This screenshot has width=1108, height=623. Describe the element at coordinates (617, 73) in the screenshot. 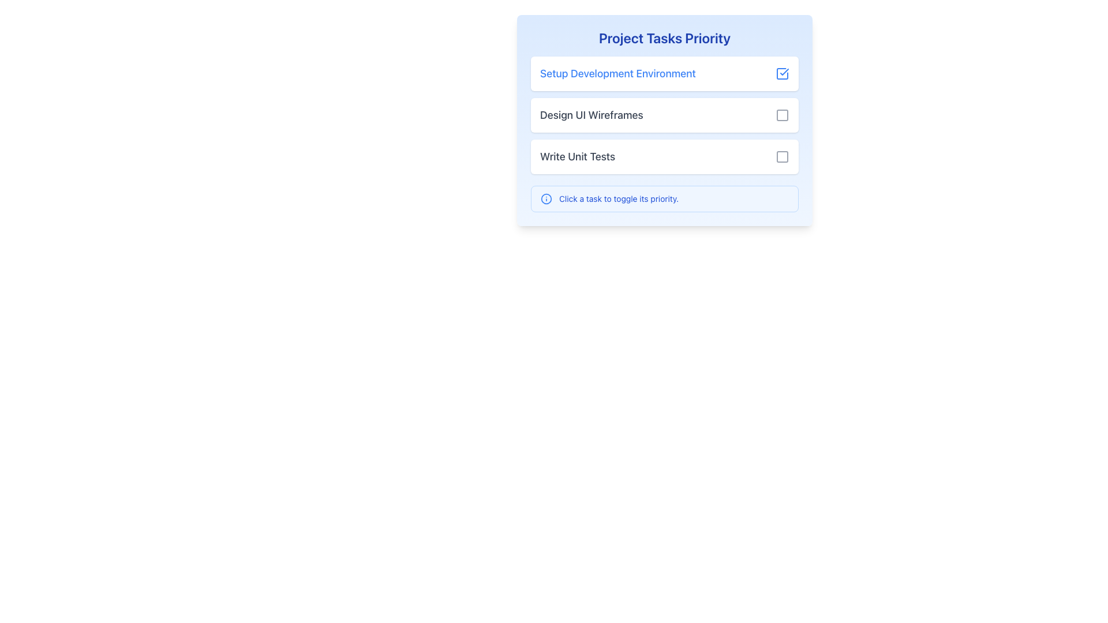

I see `the blue-colored text label reading 'Setup Development Environment', which is prominently placed at the top of the 'Project Tasks Priority' card, positioned to the left of a blue check icon` at that location.